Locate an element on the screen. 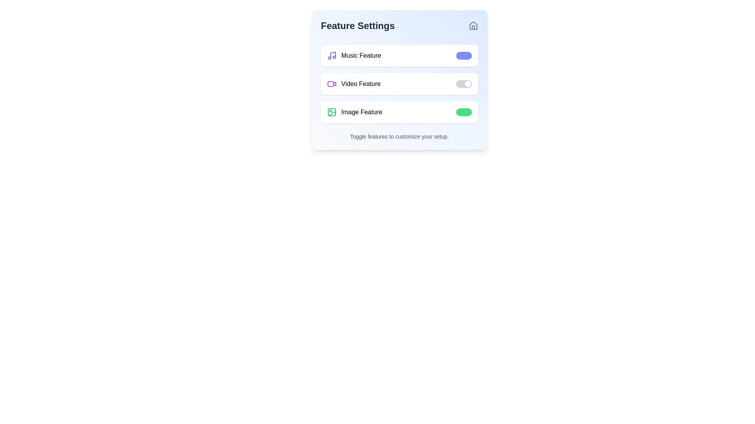 The image size is (755, 424). the toggle knob within the toggle switch in the second row of the settings area labeled 'Video Feature', which indicates the inactive state of the toggle switch is located at coordinates (468, 84).